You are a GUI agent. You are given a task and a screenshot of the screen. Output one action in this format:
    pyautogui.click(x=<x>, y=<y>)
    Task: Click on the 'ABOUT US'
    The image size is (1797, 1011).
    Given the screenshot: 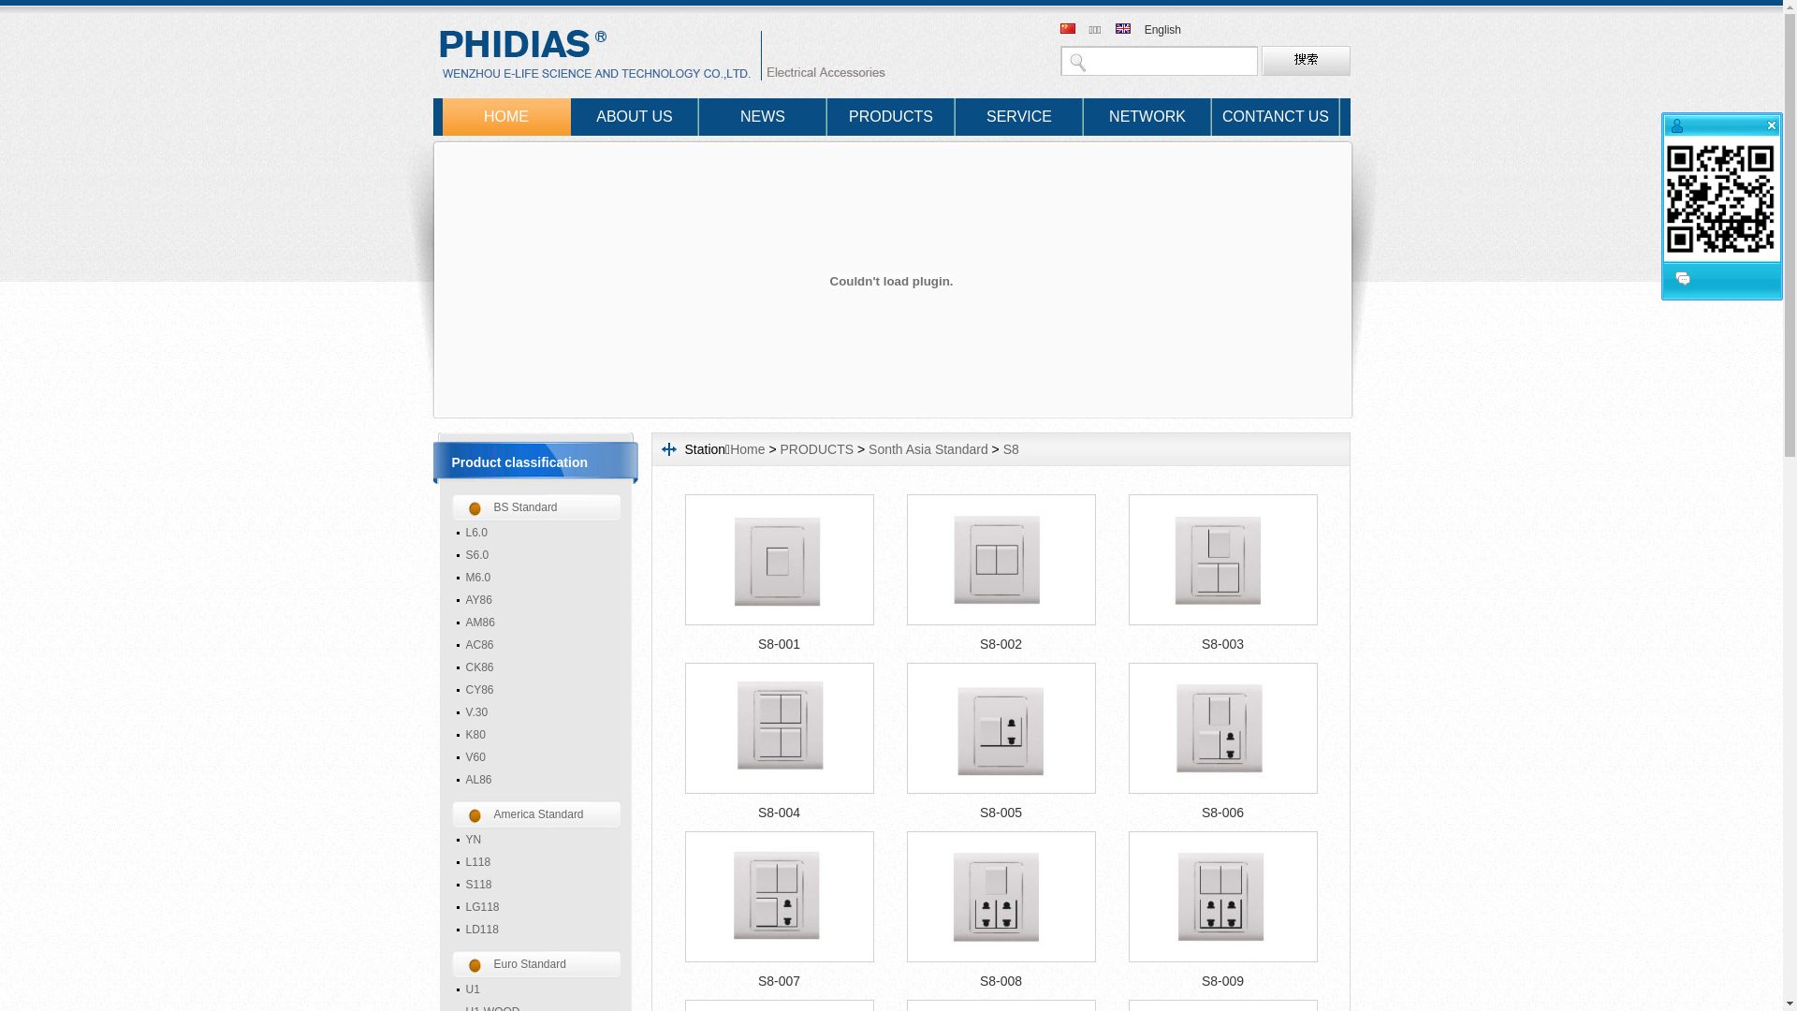 What is the action you would take?
    pyautogui.click(x=635, y=116)
    